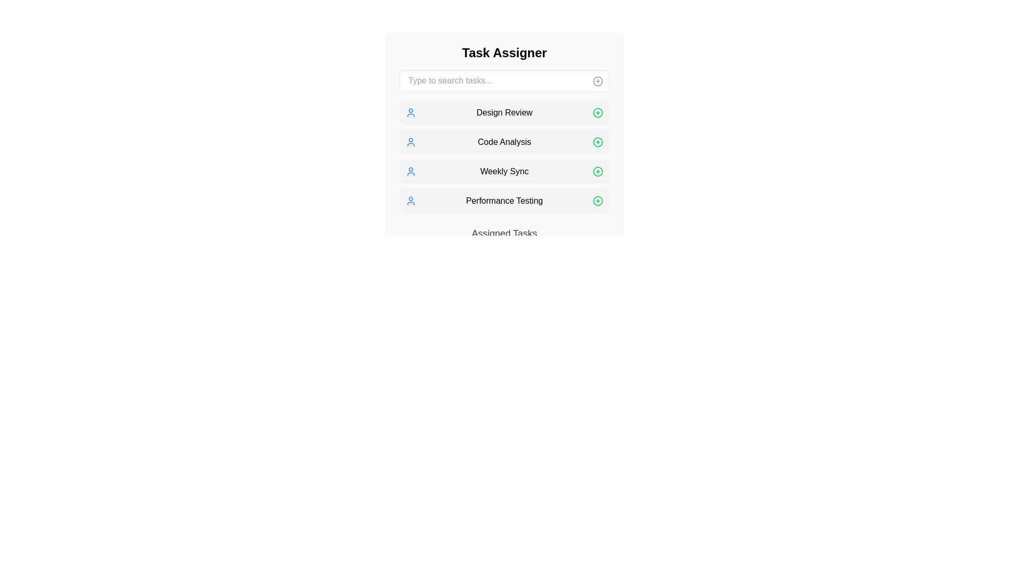 The image size is (1009, 567). Describe the element at coordinates (410, 113) in the screenshot. I see `the user icon representing the user associated with the 'Design Review' task, positioned to the left of the 'Design Review' label in the task list` at that location.